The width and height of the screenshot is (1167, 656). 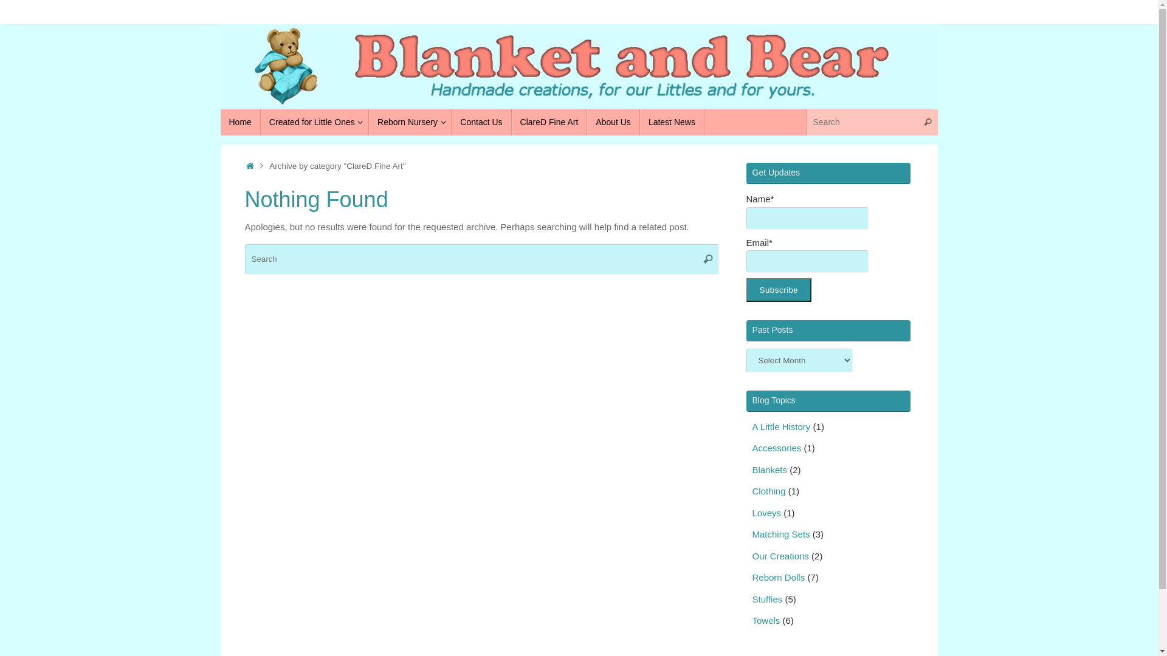 I want to click on 'About Us', so click(x=613, y=122).